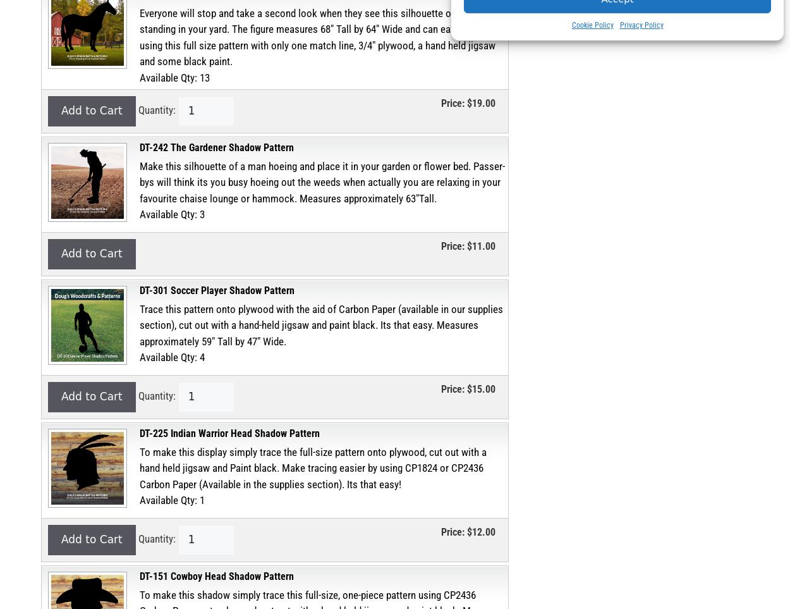  I want to click on 'DT-242  The Gardener Shadow Pattern', so click(216, 147).